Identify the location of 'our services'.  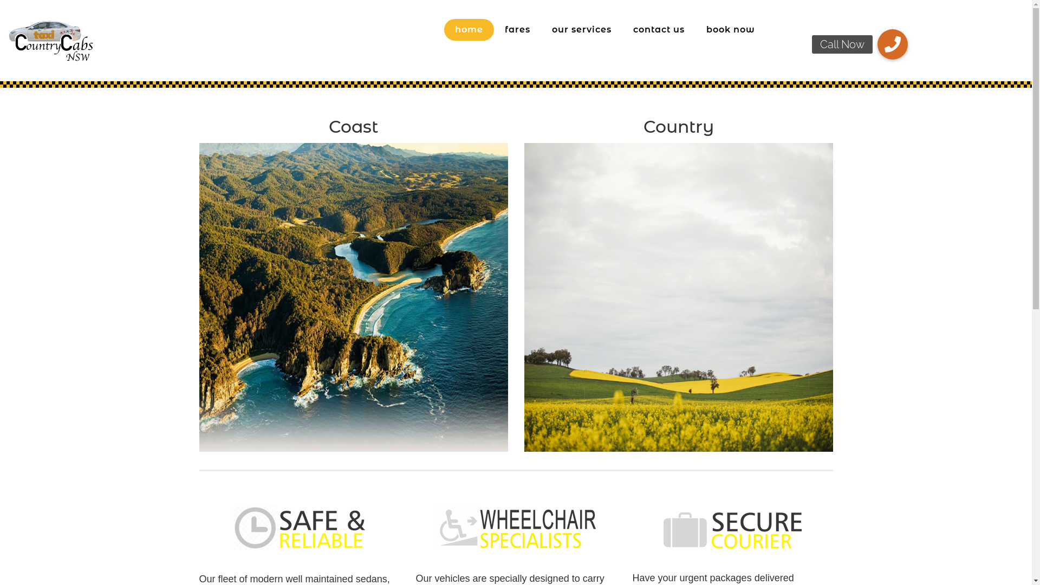
(541, 29).